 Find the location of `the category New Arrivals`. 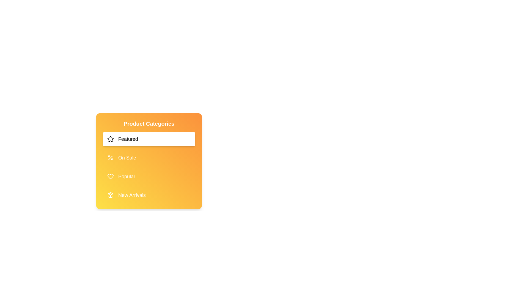

the category New Arrivals is located at coordinates (149, 195).